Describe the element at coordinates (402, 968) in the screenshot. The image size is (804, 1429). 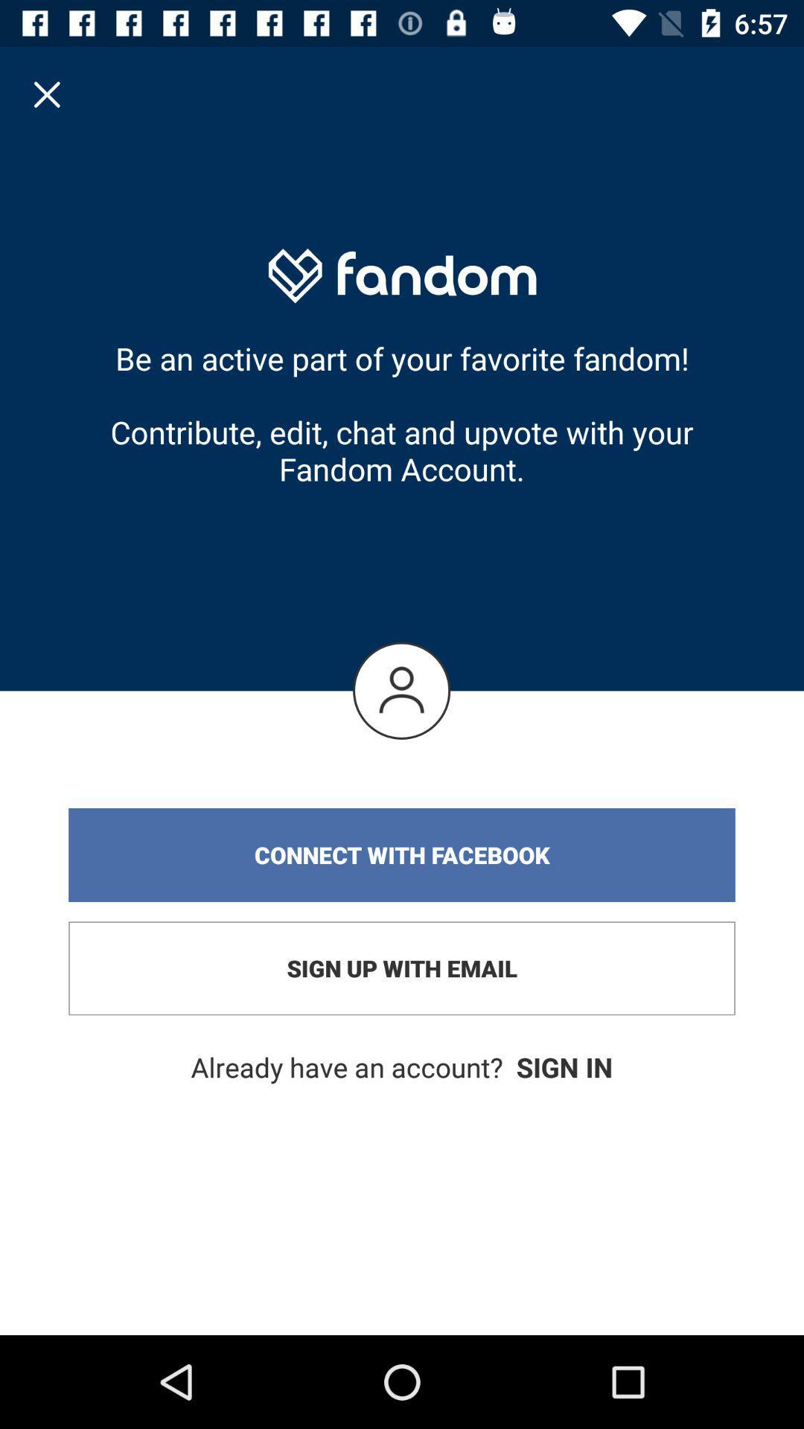
I see `icon above the already have an item` at that location.